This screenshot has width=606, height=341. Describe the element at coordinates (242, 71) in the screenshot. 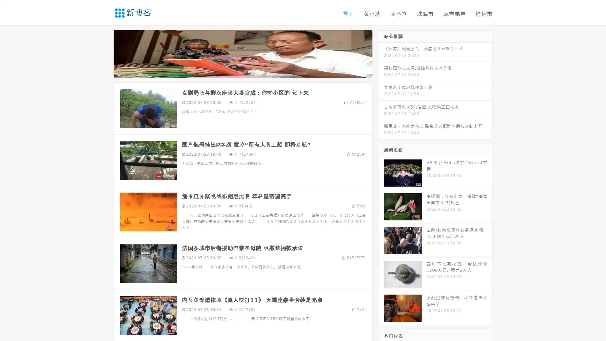

I see `Go to slide 2` at that location.